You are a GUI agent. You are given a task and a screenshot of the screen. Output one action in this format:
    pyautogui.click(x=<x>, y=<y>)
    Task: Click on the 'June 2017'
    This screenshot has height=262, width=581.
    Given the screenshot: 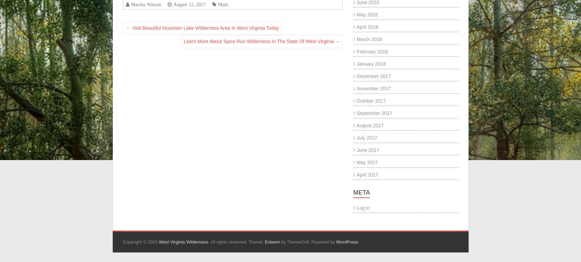 What is the action you would take?
    pyautogui.click(x=367, y=150)
    